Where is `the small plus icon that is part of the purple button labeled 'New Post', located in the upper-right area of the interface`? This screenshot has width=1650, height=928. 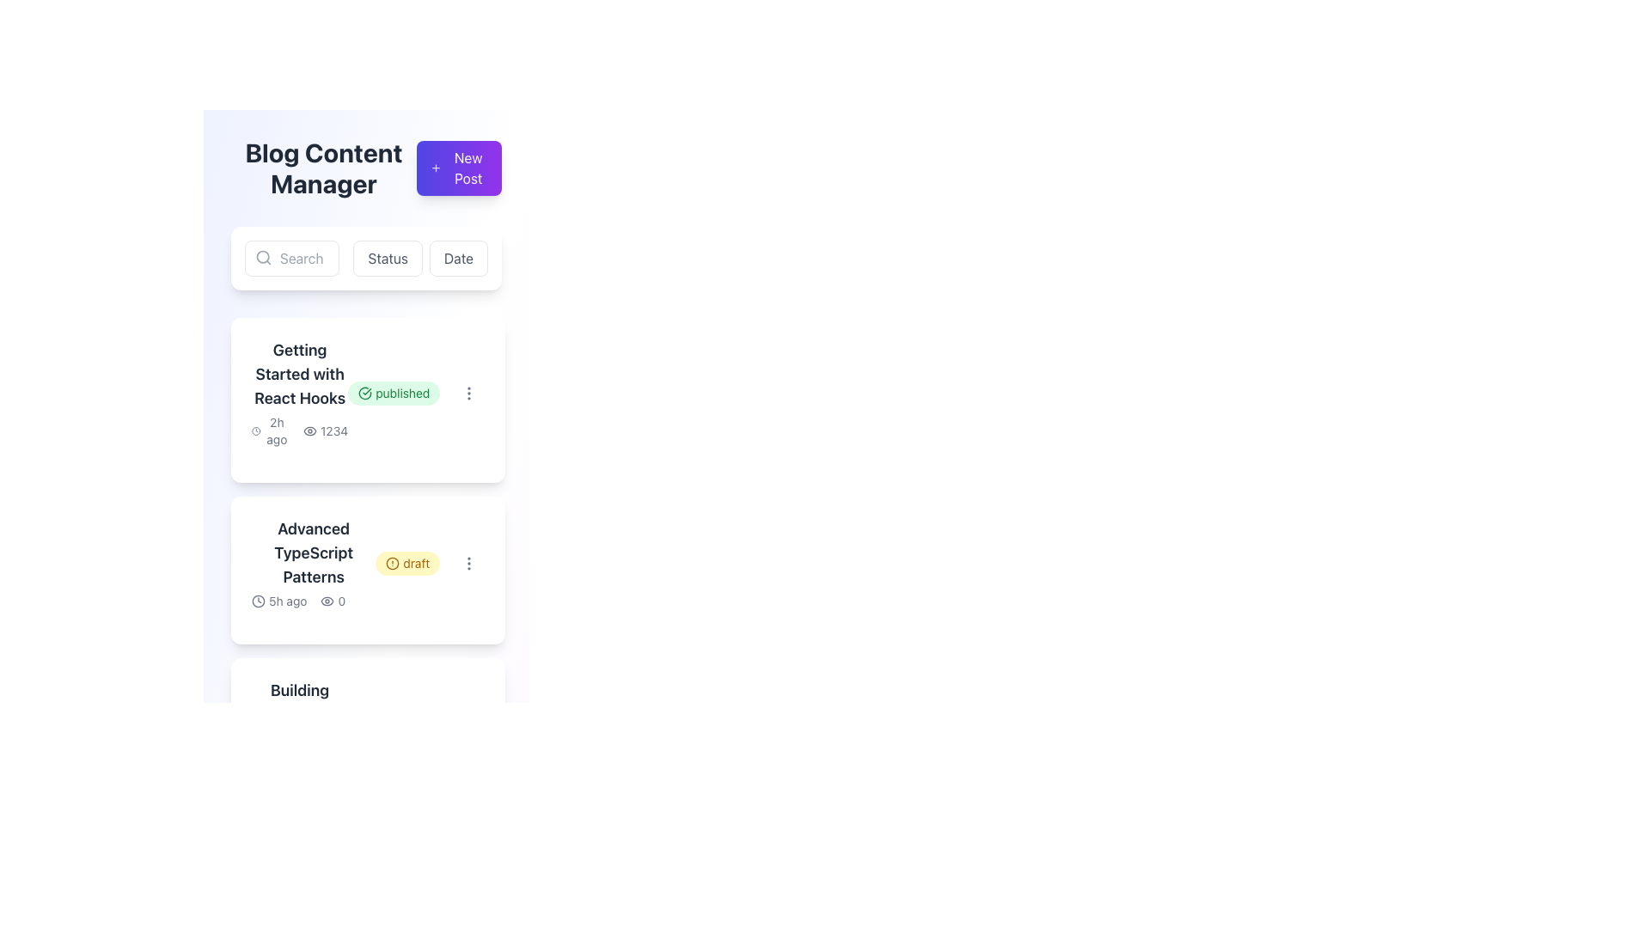 the small plus icon that is part of the purple button labeled 'New Post', located in the upper-right area of the interface is located at coordinates (436, 168).